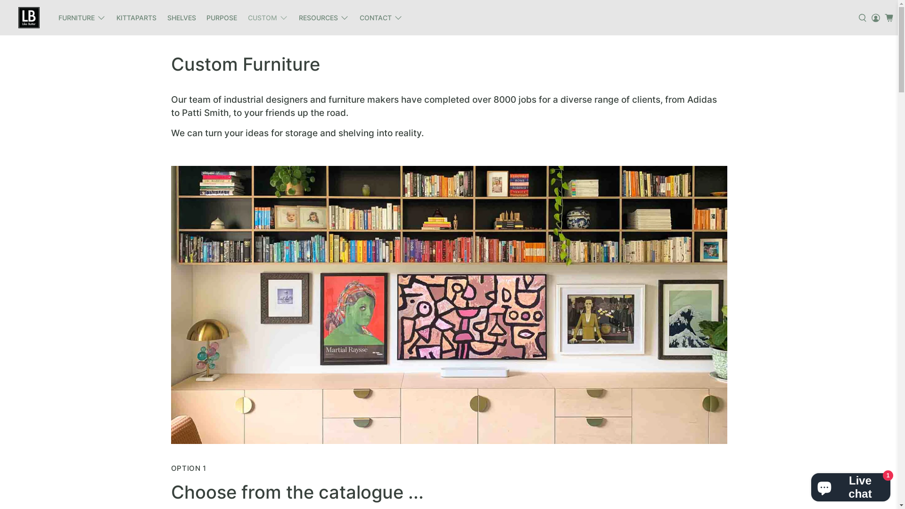 This screenshot has height=509, width=905. I want to click on 'CONTACT', so click(381, 17).